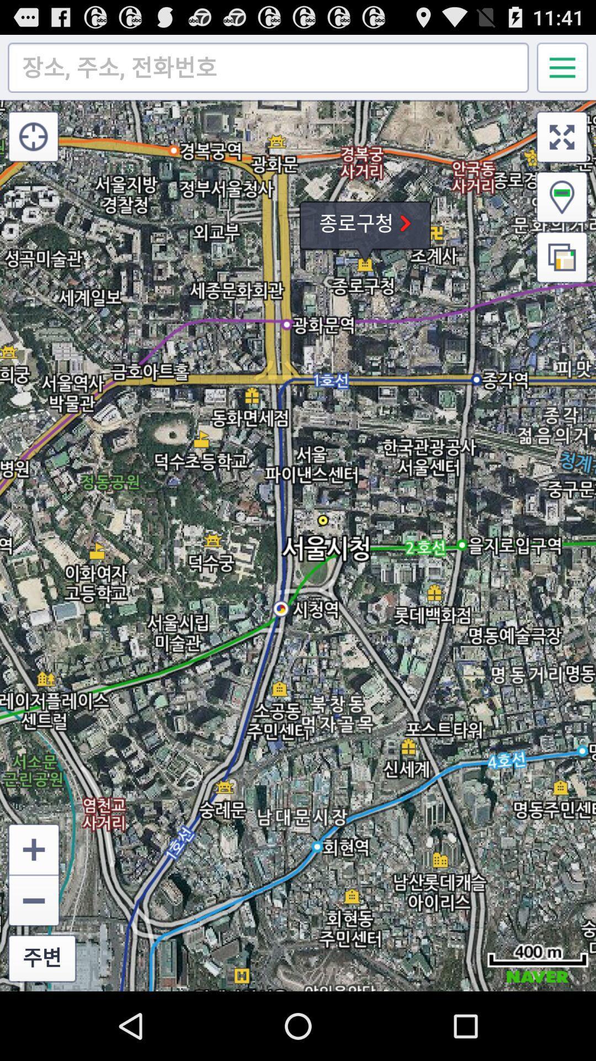  I want to click on the add icon, so click(33, 908).